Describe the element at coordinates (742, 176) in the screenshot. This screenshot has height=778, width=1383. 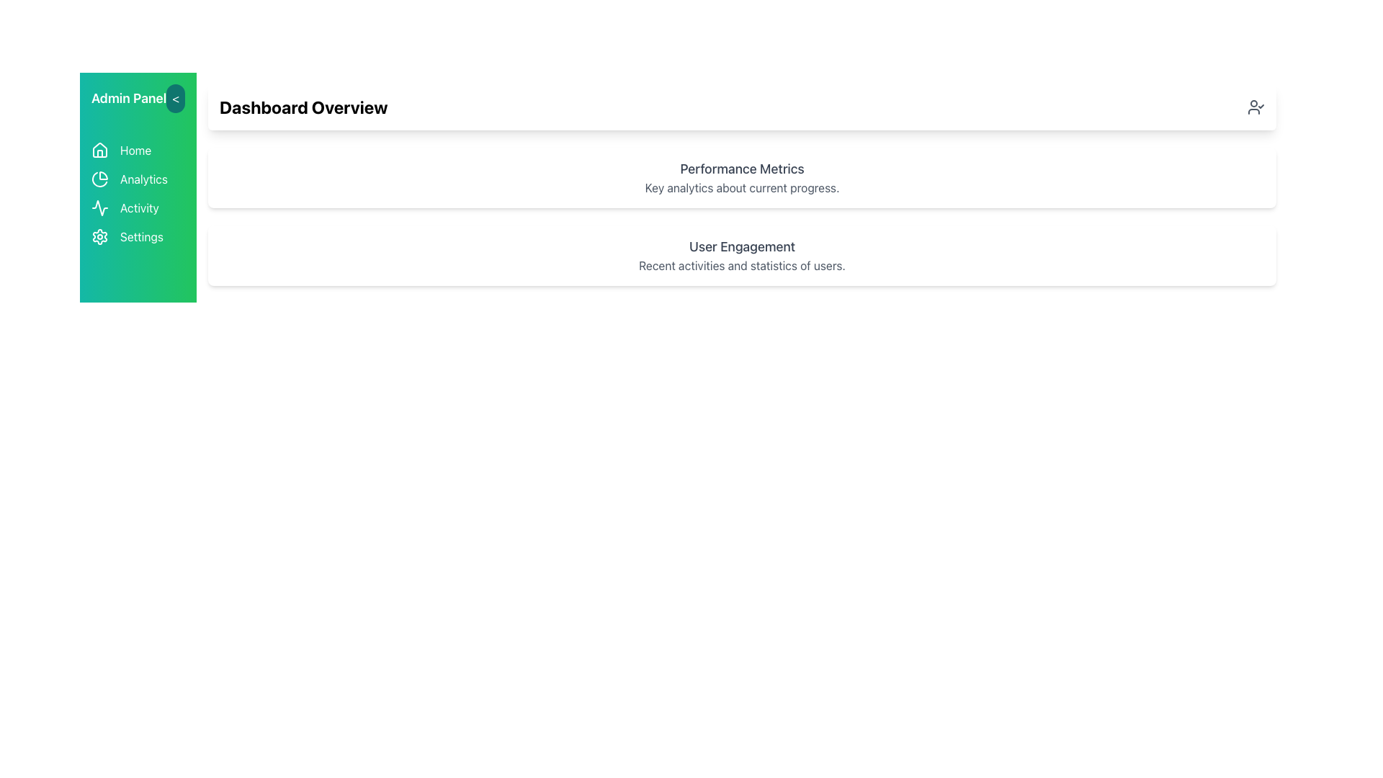
I see `the Informational Card titled 'Performance Metrics', which is the first card in a vertically arranged grid, featuring a white background, rounded corners, and shadow styling` at that location.